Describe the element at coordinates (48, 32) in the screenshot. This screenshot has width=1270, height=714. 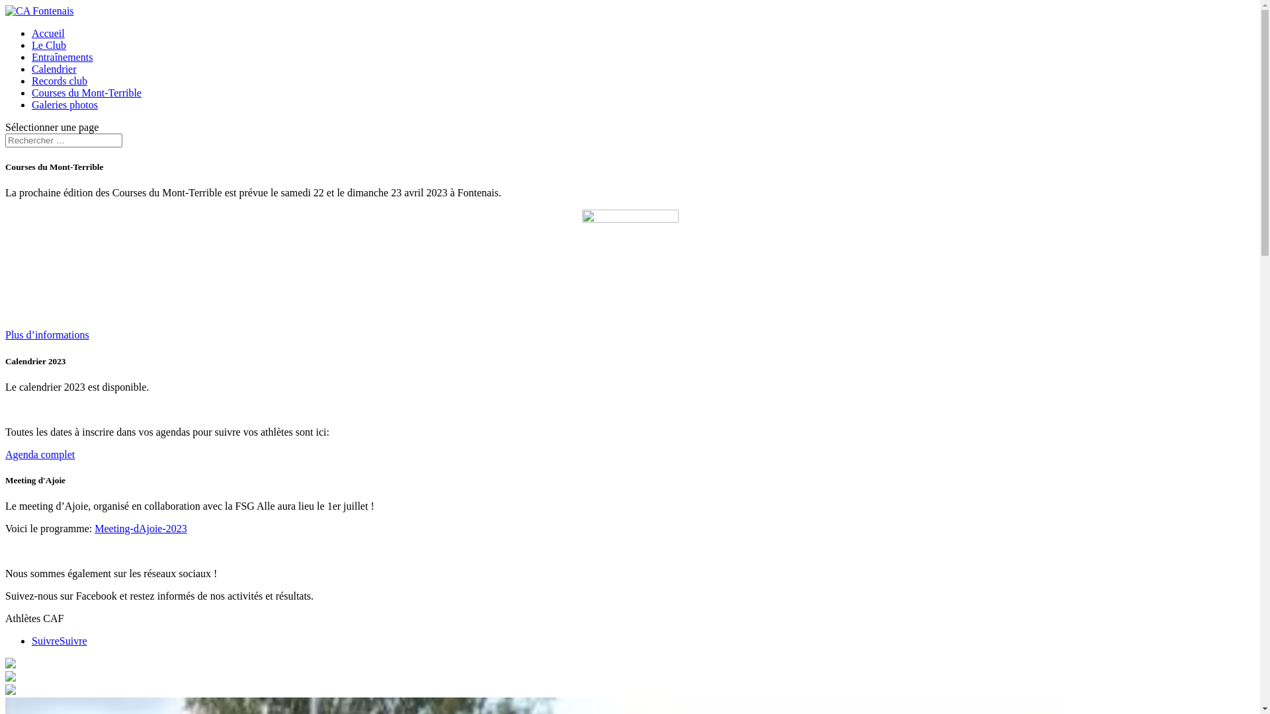
I see `'Accueil'` at that location.